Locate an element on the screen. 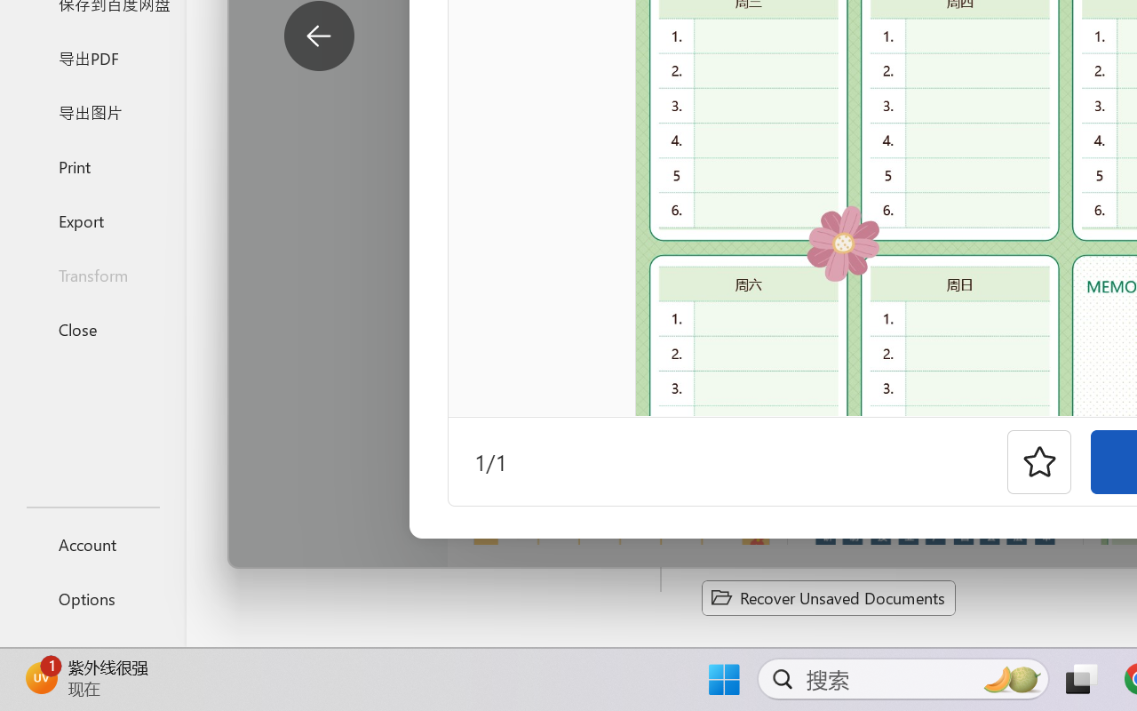 The width and height of the screenshot is (1137, 711). 'Account' is located at coordinates (91, 544).